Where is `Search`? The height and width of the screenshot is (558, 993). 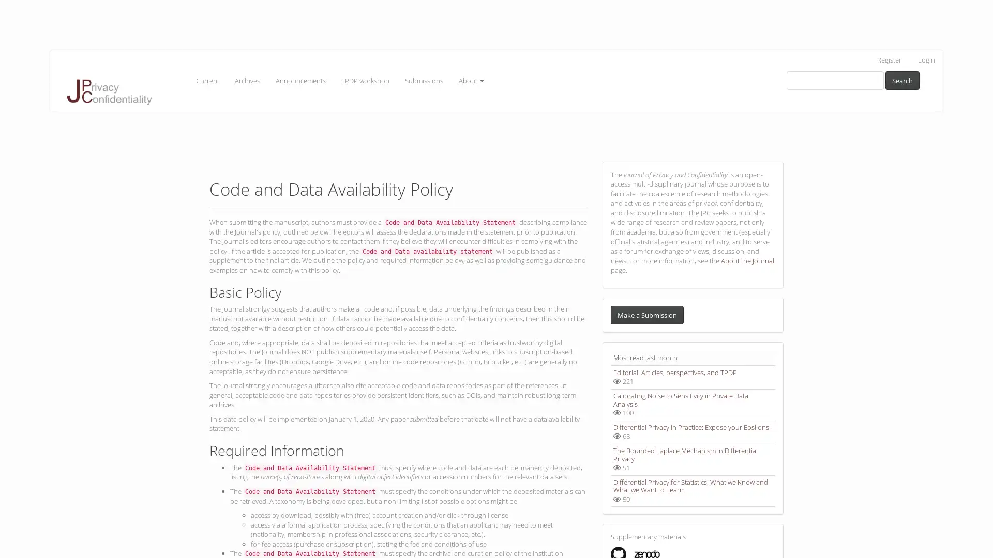 Search is located at coordinates (902, 80).